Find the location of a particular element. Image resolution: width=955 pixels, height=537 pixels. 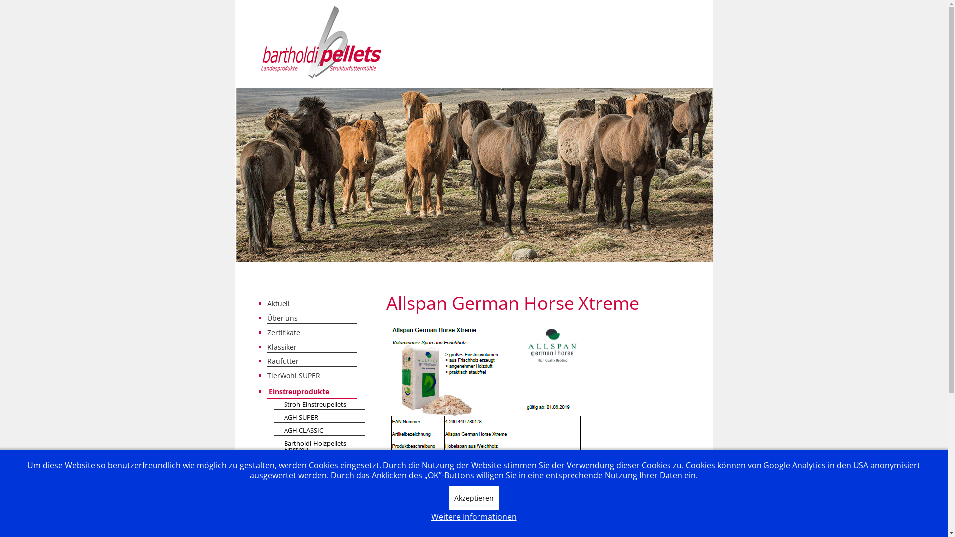

'AGH SUPER' is located at coordinates (319, 418).